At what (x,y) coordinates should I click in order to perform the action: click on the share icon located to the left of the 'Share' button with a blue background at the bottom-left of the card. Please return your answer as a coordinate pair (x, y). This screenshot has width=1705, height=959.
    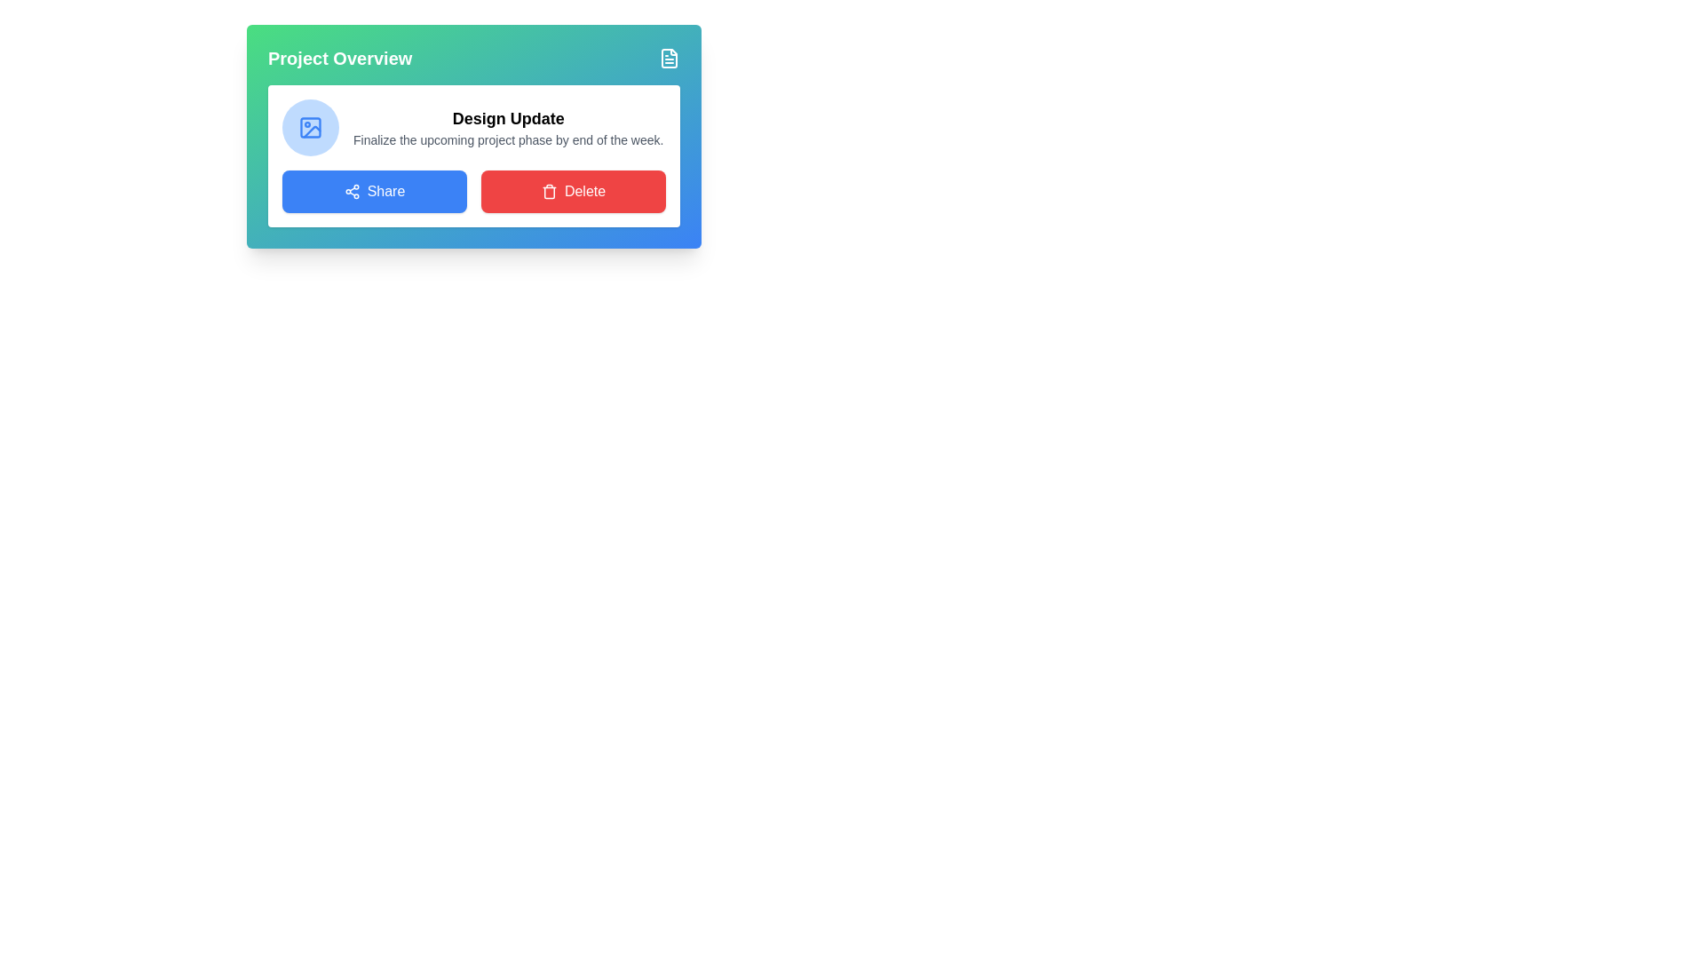
    Looking at the image, I should click on (352, 192).